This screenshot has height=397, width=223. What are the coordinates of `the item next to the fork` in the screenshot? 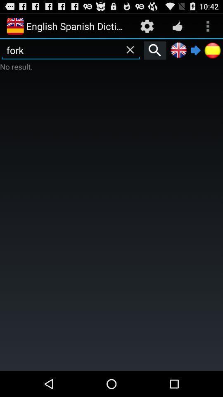 It's located at (155, 50).